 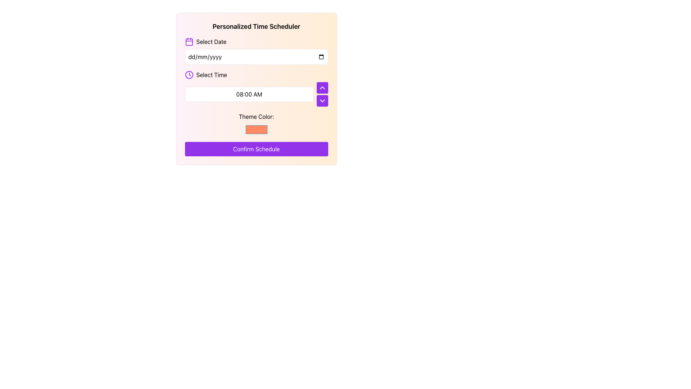 I want to click on the circular clock icon with a purple outline located to the left of the 'Select Time' label for accessibility purposes, so click(x=189, y=75).